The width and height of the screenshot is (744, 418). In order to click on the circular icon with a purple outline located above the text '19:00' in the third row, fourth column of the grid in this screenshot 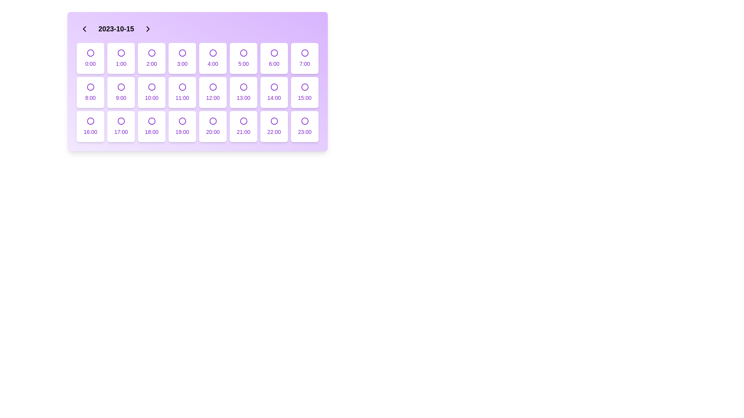, I will do `click(182, 121)`.